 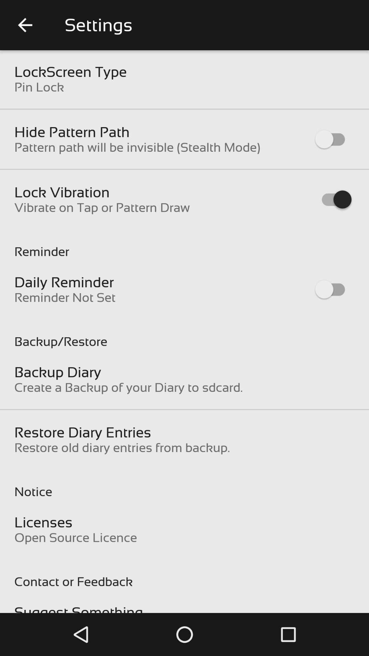 I want to click on open source licence item, so click(x=76, y=537).